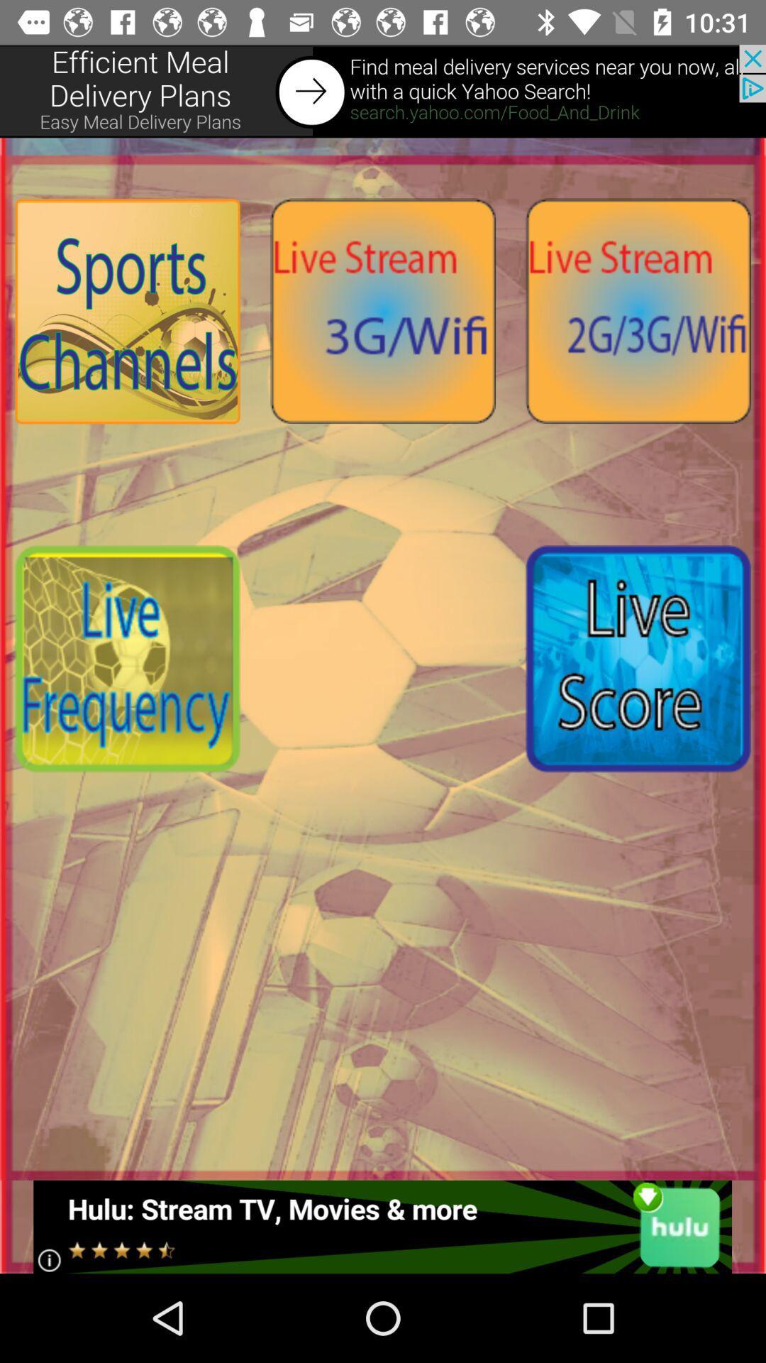 The height and width of the screenshot is (1363, 766). What do you see at coordinates (637, 658) in the screenshot?
I see `live score` at bounding box center [637, 658].